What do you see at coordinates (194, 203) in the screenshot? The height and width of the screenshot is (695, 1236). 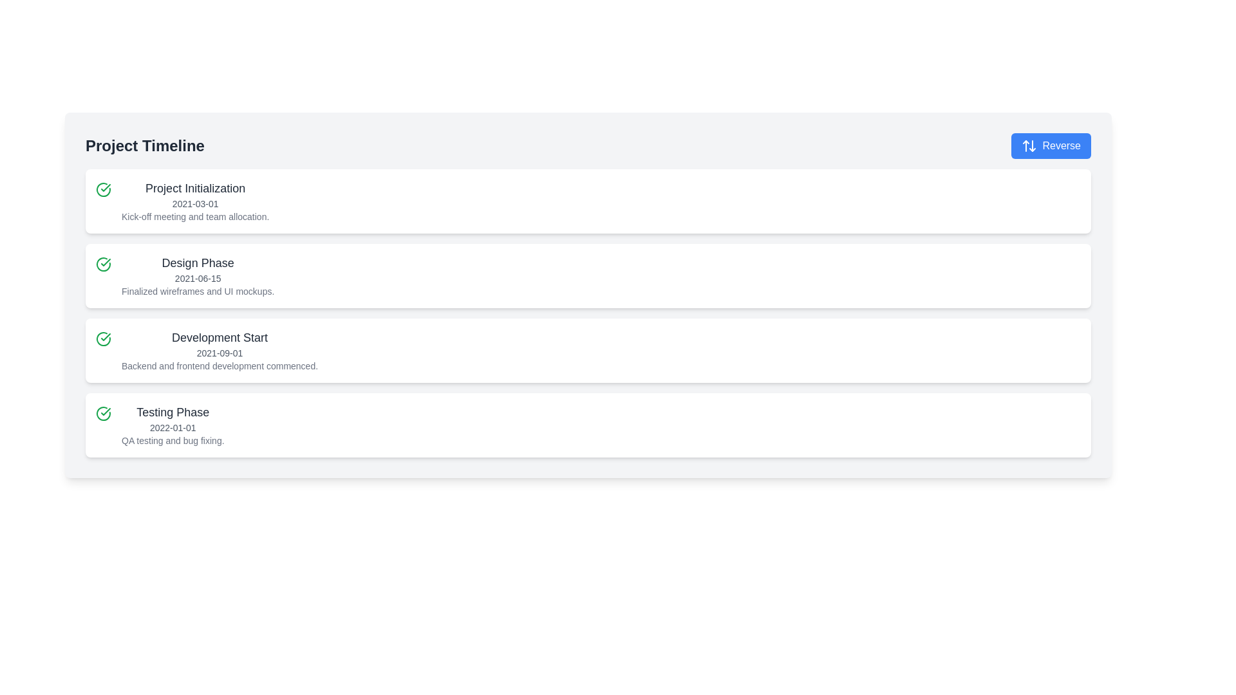 I see `the text that displays the date associated with the 'Project Initialization' phase, located directly below the 'Project Initialization' title in the first card of the project timeline` at bounding box center [194, 203].